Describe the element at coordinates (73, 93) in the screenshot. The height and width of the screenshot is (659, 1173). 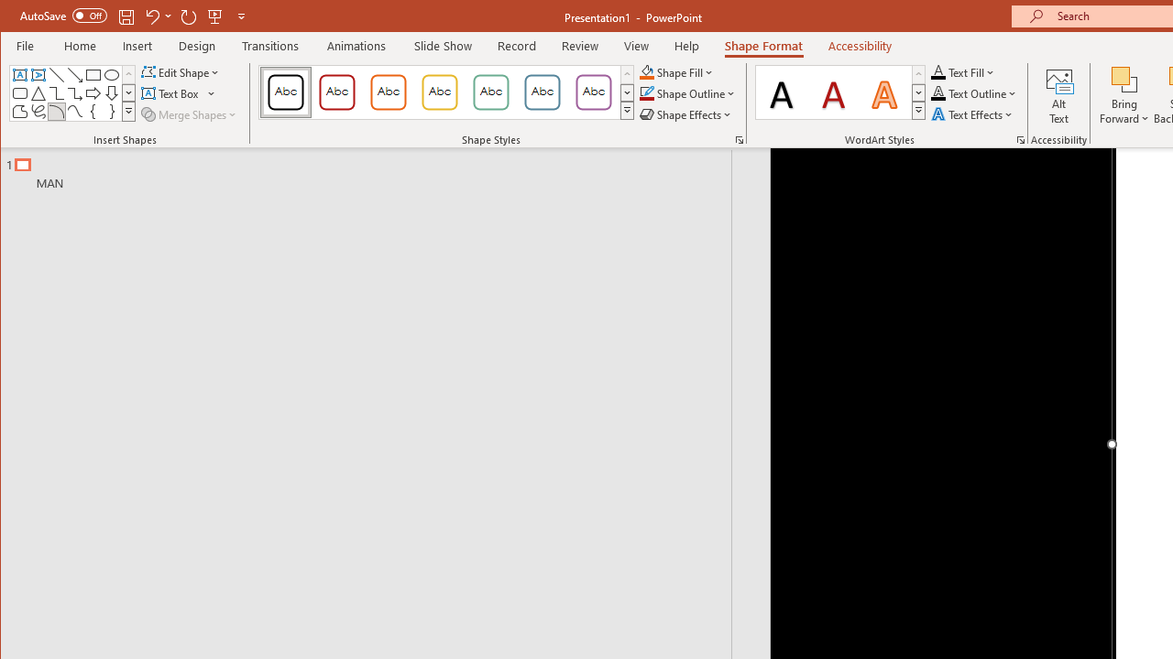
I see `'AutomationID: ShapesInsertGallery'` at that location.